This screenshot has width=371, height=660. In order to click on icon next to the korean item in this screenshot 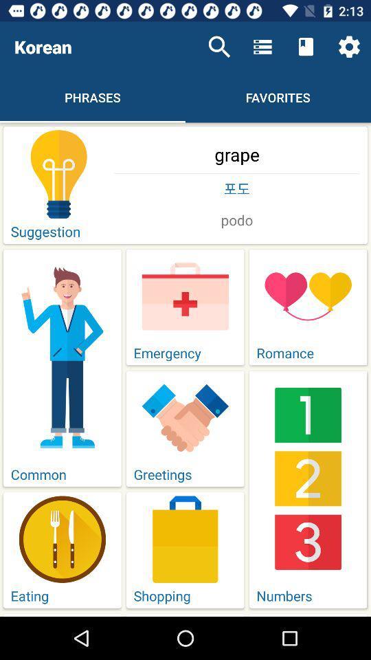, I will do `click(219, 47)`.